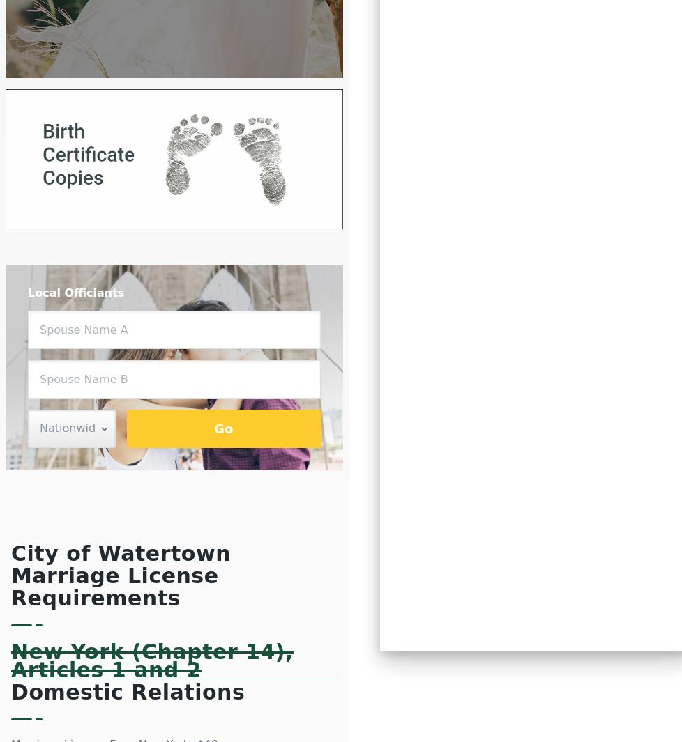 The height and width of the screenshot is (742, 682). I want to click on 'Marriage License Requirements', so click(114, 587).